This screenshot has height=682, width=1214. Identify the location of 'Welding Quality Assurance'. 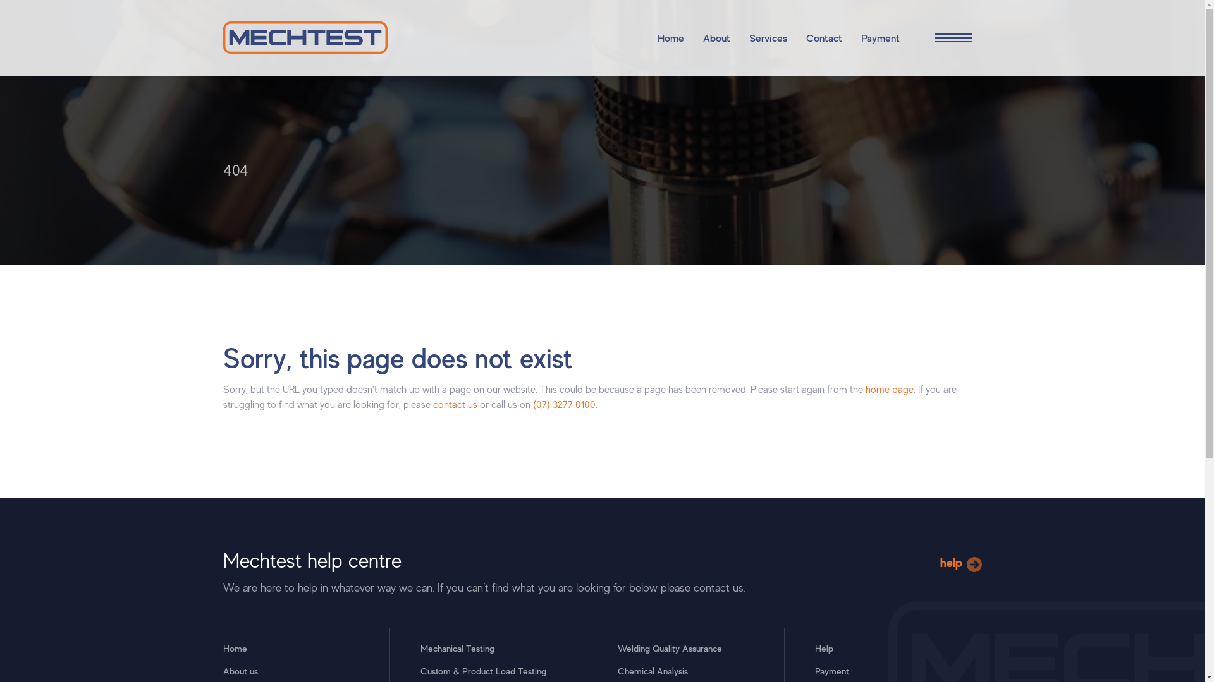
(668, 648).